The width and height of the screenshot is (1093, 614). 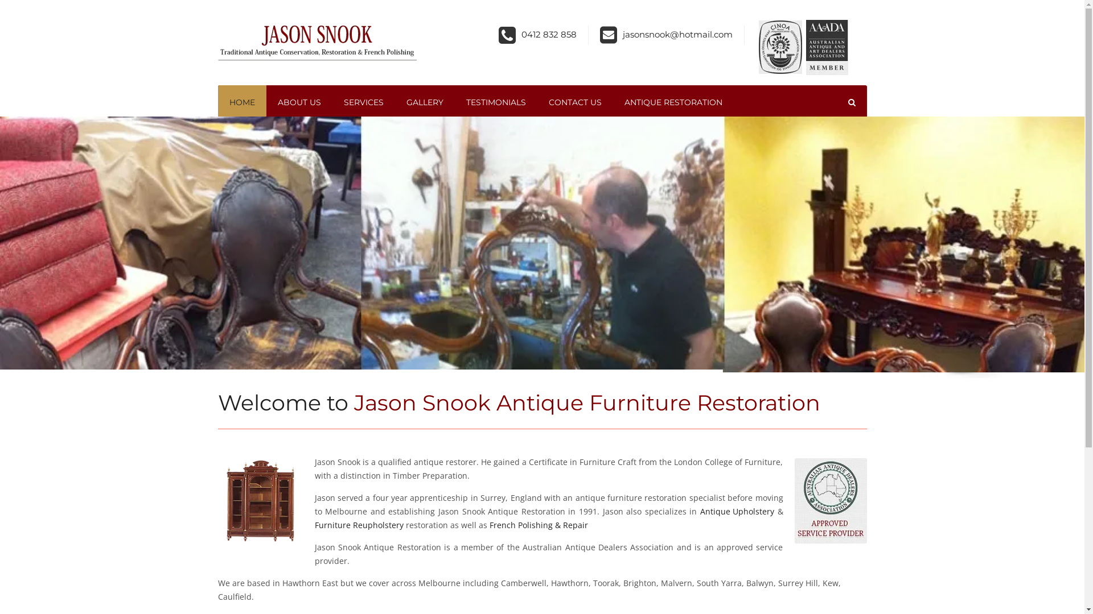 What do you see at coordinates (549, 34) in the screenshot?
I see `'0412 832 858'` at bounding box center [549, 34].